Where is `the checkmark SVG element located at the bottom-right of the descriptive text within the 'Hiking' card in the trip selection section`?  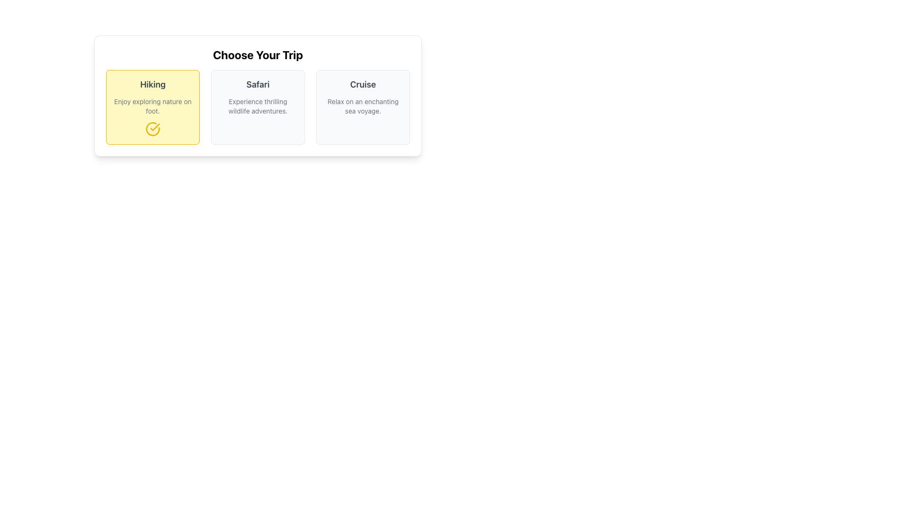 the checkmark SVG element located at the bottom-right of the descriptive text within the 'Hiking' card in the trip selection section is located at coordinates (155, 127).